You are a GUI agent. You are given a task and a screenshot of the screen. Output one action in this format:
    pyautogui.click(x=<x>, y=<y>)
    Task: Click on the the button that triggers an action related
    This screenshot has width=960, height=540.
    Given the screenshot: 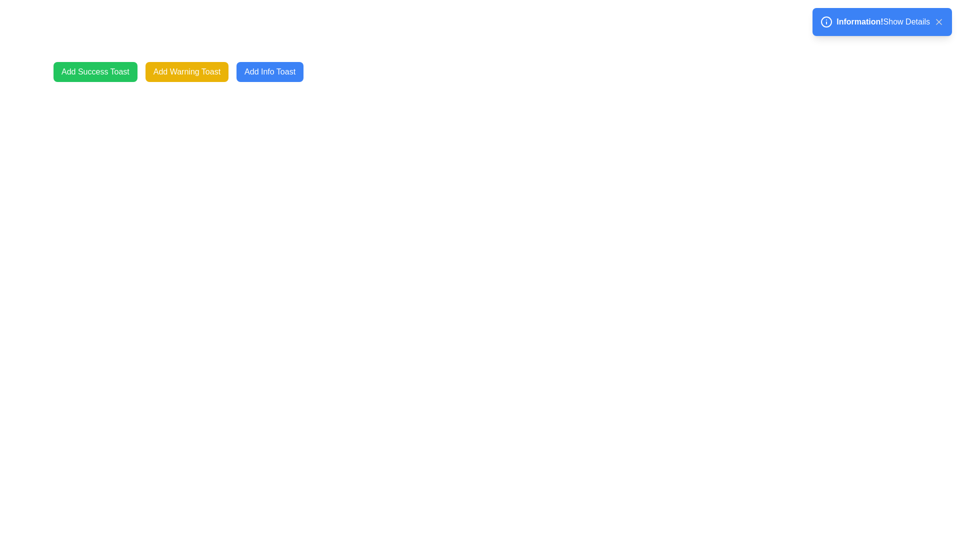 What is the action you would take?
    pyautogui.click(x=270, y=71)
    